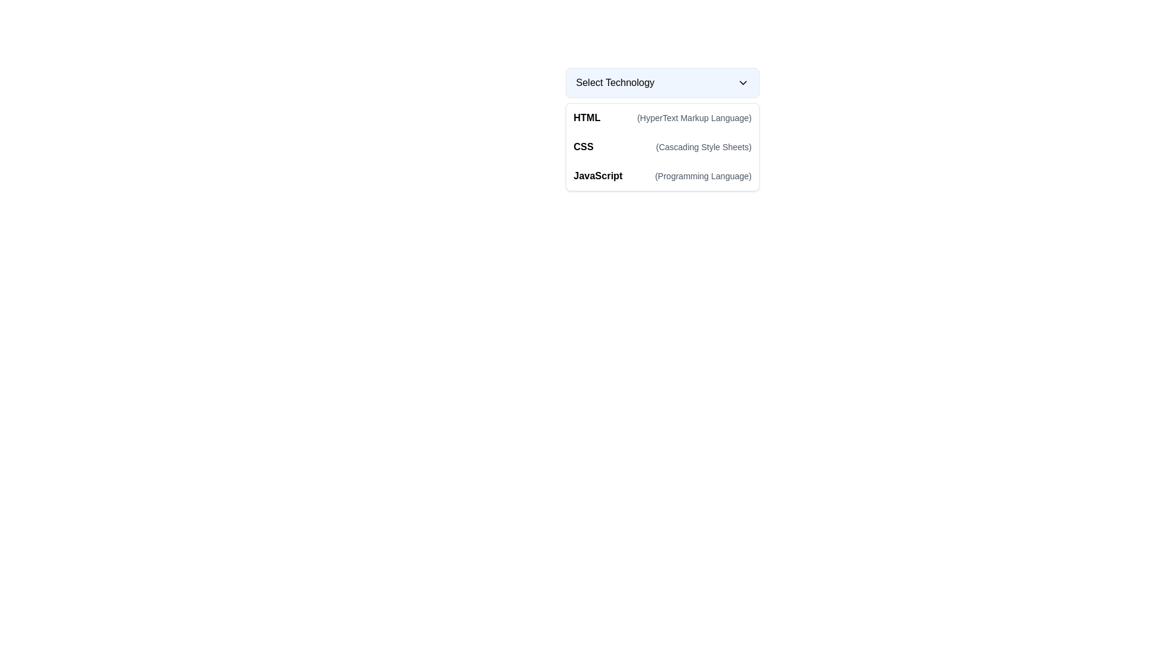  I want to click on the text label that reads '(Programming Language)', which is styled with a smaller font size and light gray color, located within the dropdown menu under the selectable option 'JavaScript', so click(703, 176).